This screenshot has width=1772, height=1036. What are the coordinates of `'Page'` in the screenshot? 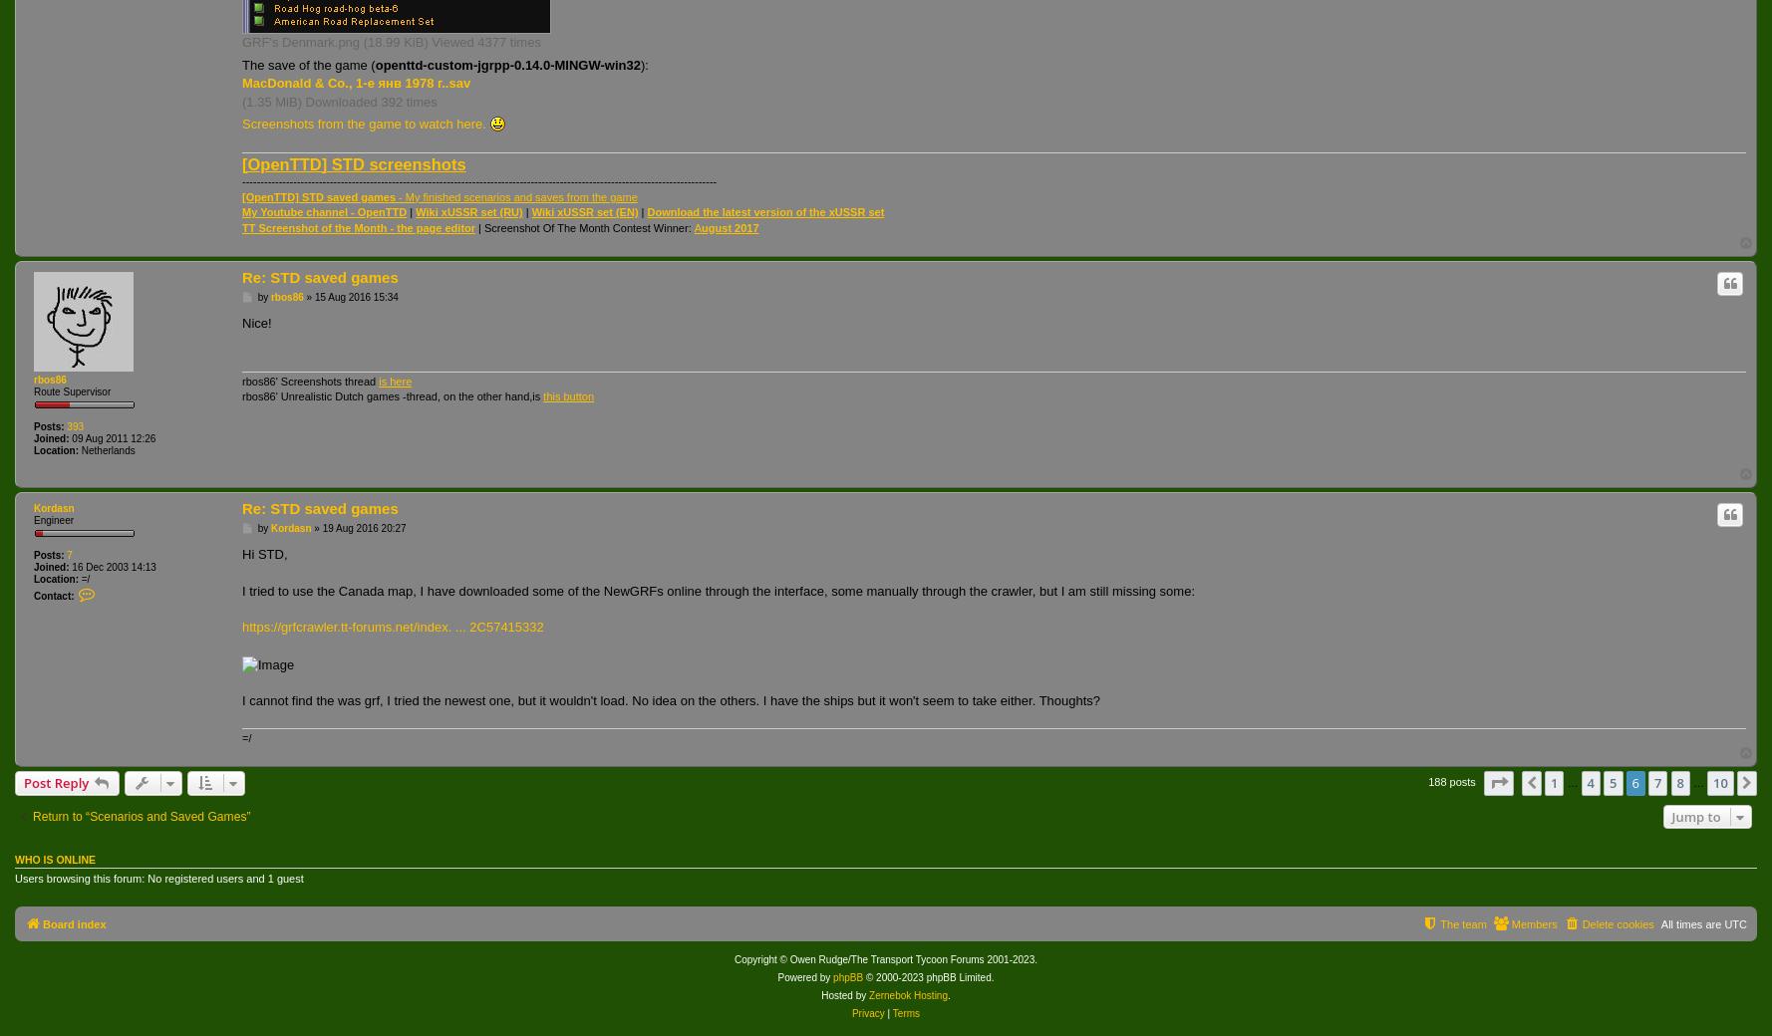 It's located at (1507, 780).